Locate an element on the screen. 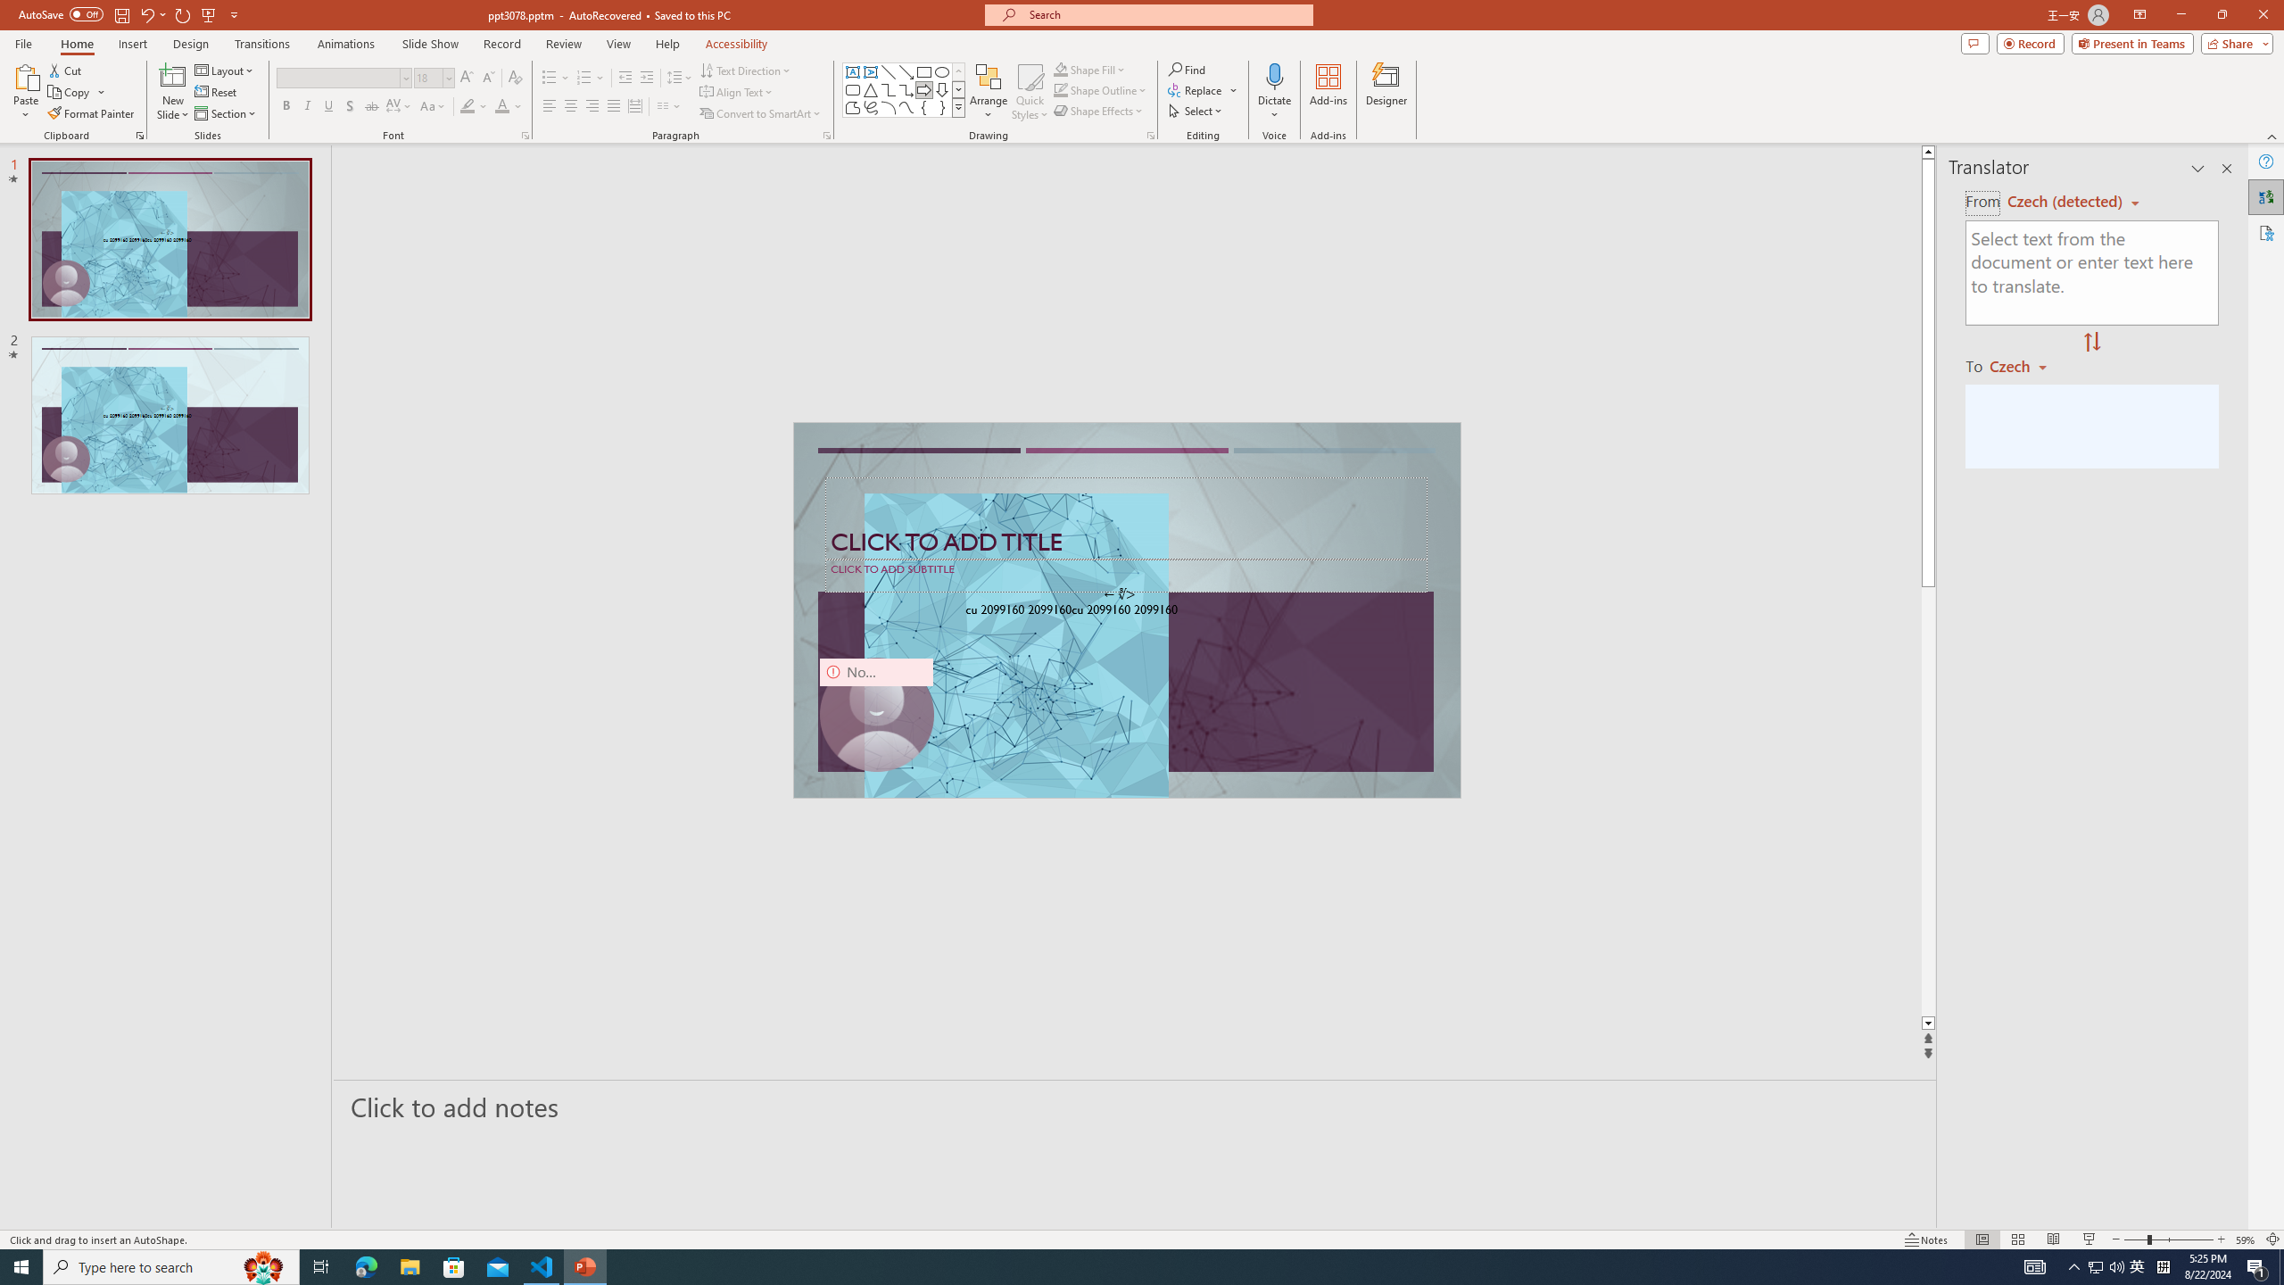 The height and width of the screenshot is (1285, 2284). 'Czech' is located at coordinates (2025, 365).